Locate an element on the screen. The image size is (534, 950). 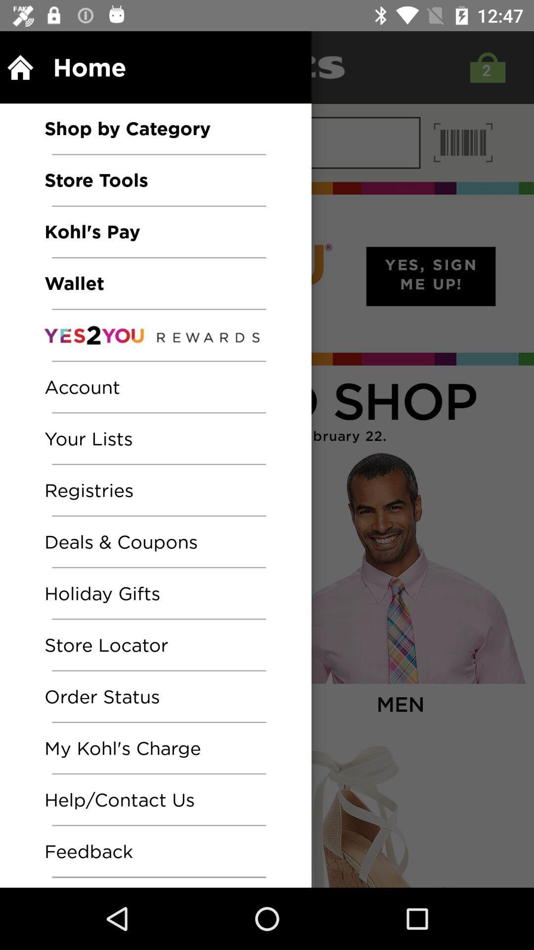
the home icon is located at coordinates (36, 67).